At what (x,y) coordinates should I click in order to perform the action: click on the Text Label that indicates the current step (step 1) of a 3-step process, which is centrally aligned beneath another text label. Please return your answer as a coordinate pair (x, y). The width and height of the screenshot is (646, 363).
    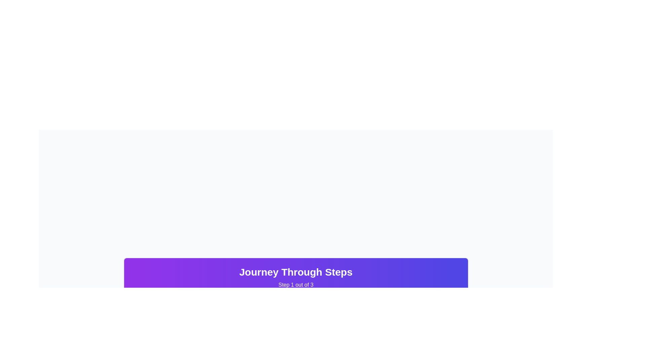
    Looking at the image, I should click on (296, 285).